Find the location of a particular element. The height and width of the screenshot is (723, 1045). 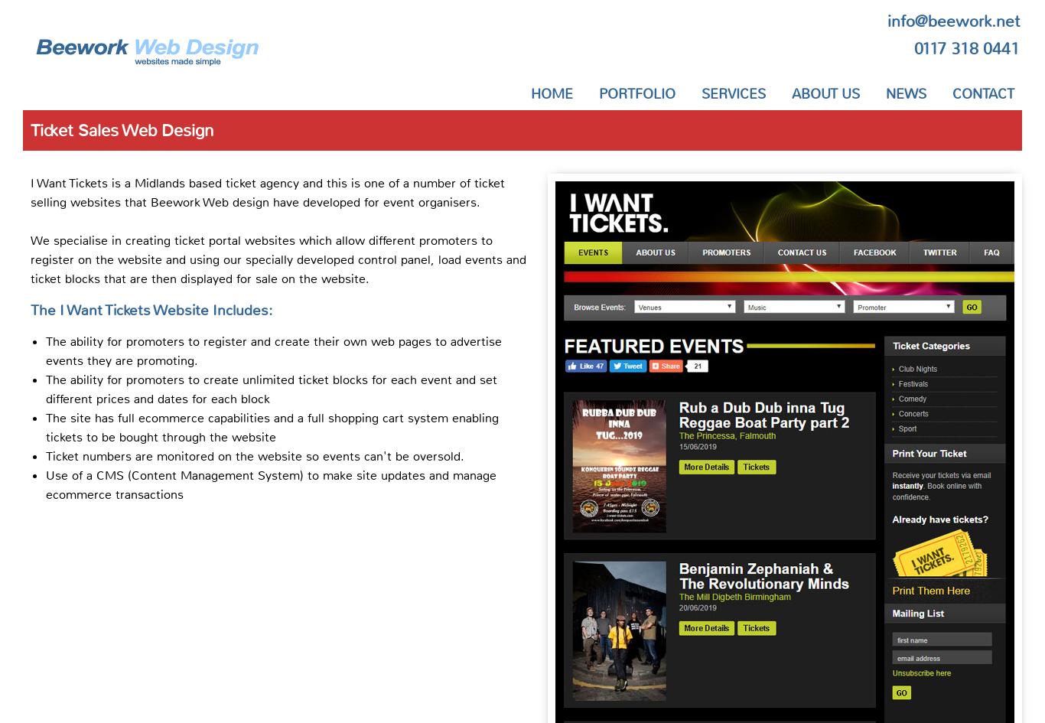

'Portfolio' is located at coordinates (636, 93).